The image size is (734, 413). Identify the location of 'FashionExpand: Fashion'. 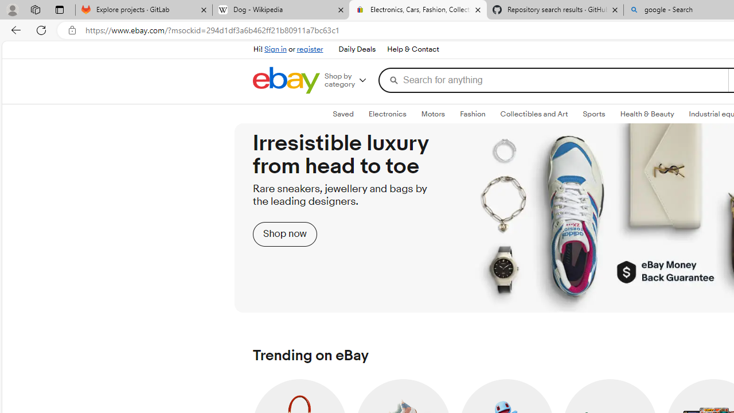
(473, 114).